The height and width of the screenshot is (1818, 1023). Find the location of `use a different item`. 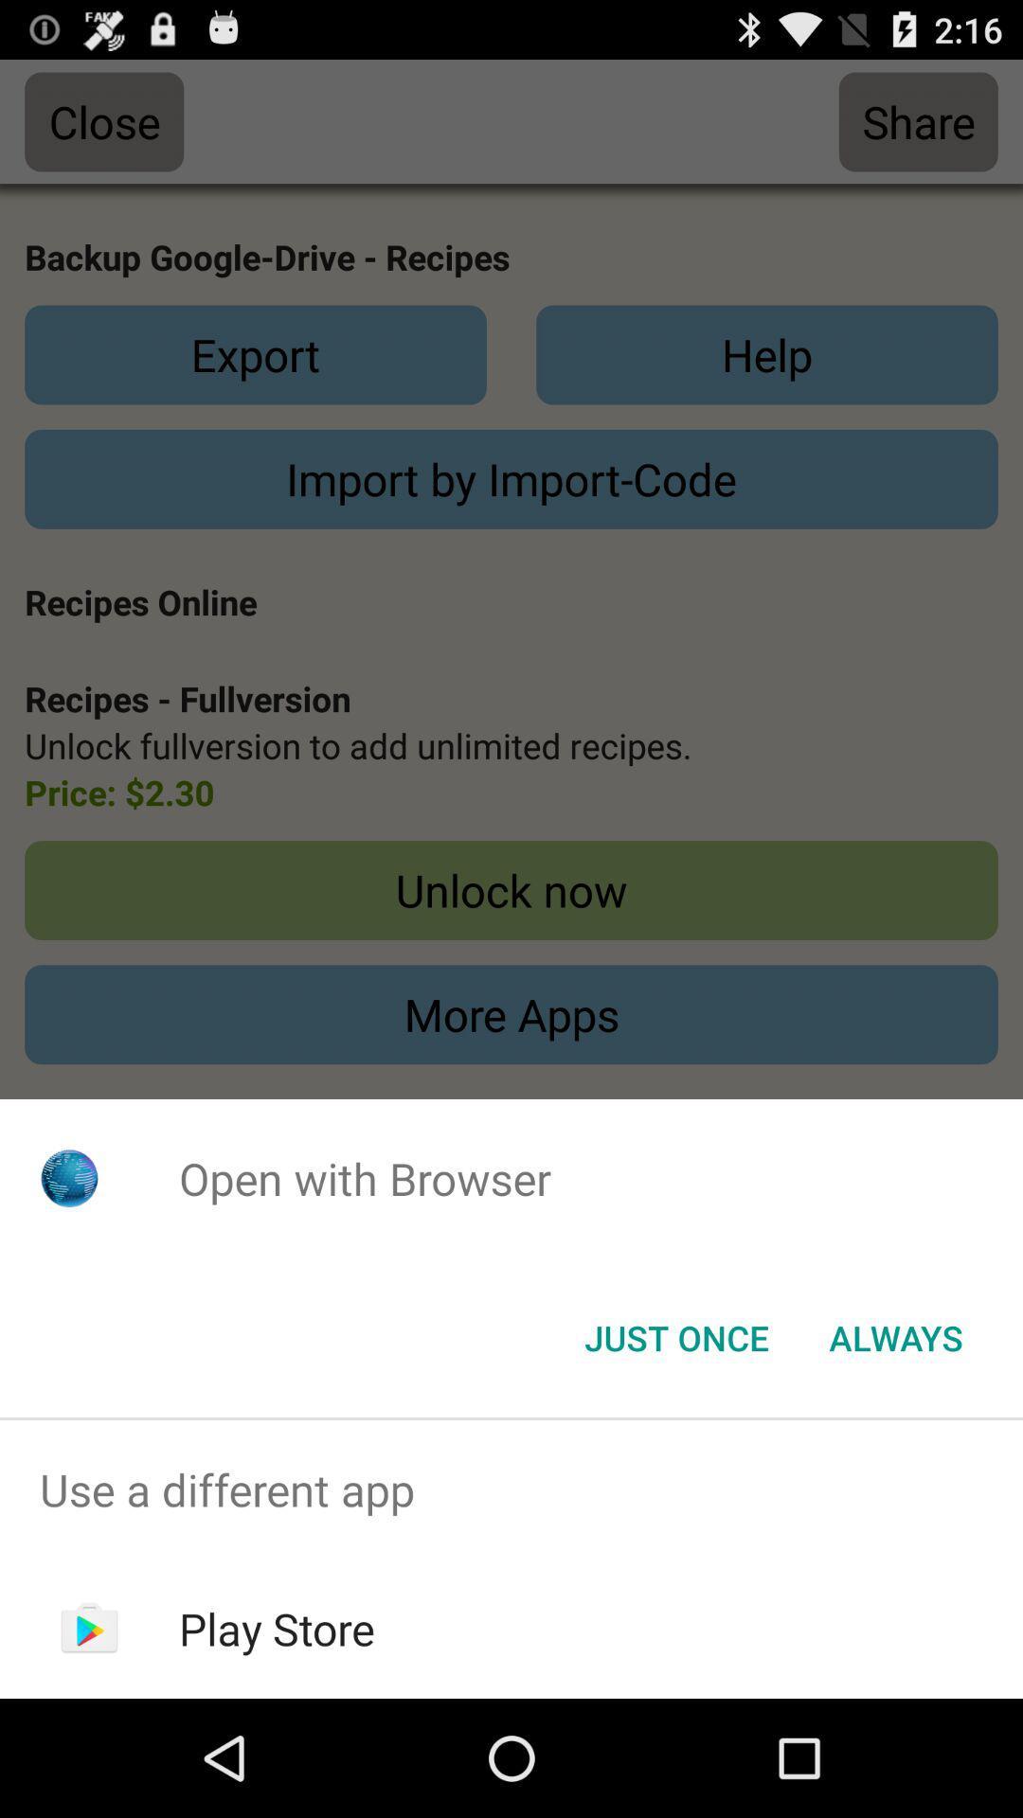

use a different item is located at coordinates (511, 1488).